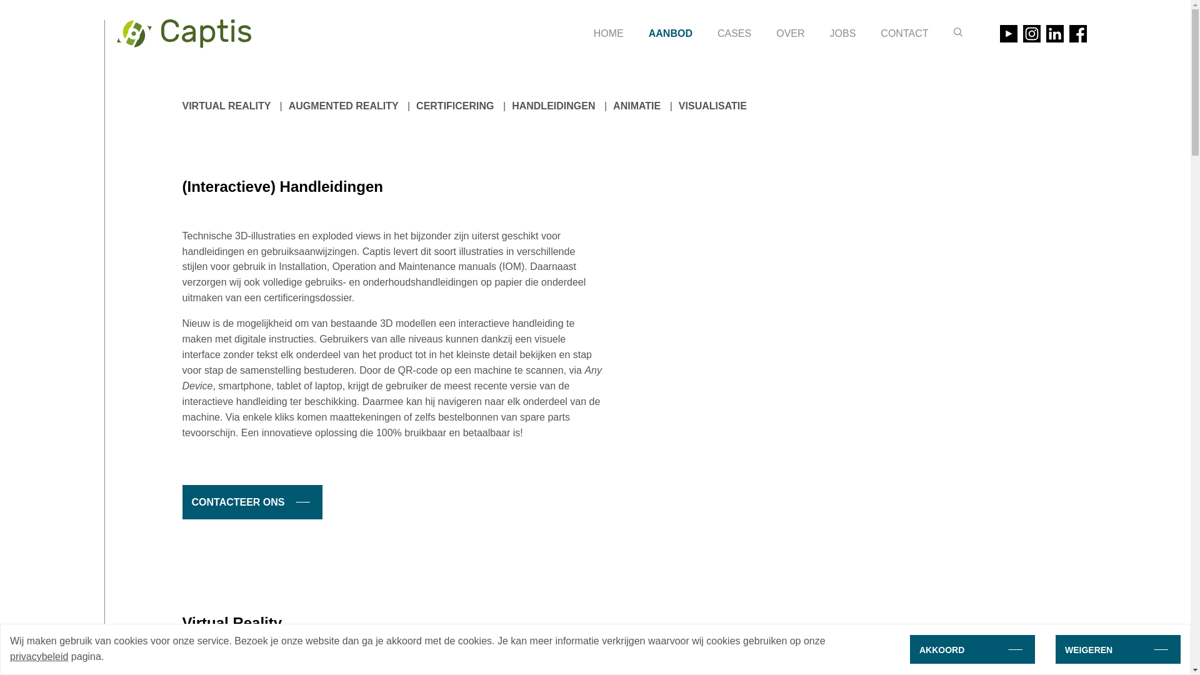  I want to click on 'HANDLEIDINGEN', so click(552, 105).